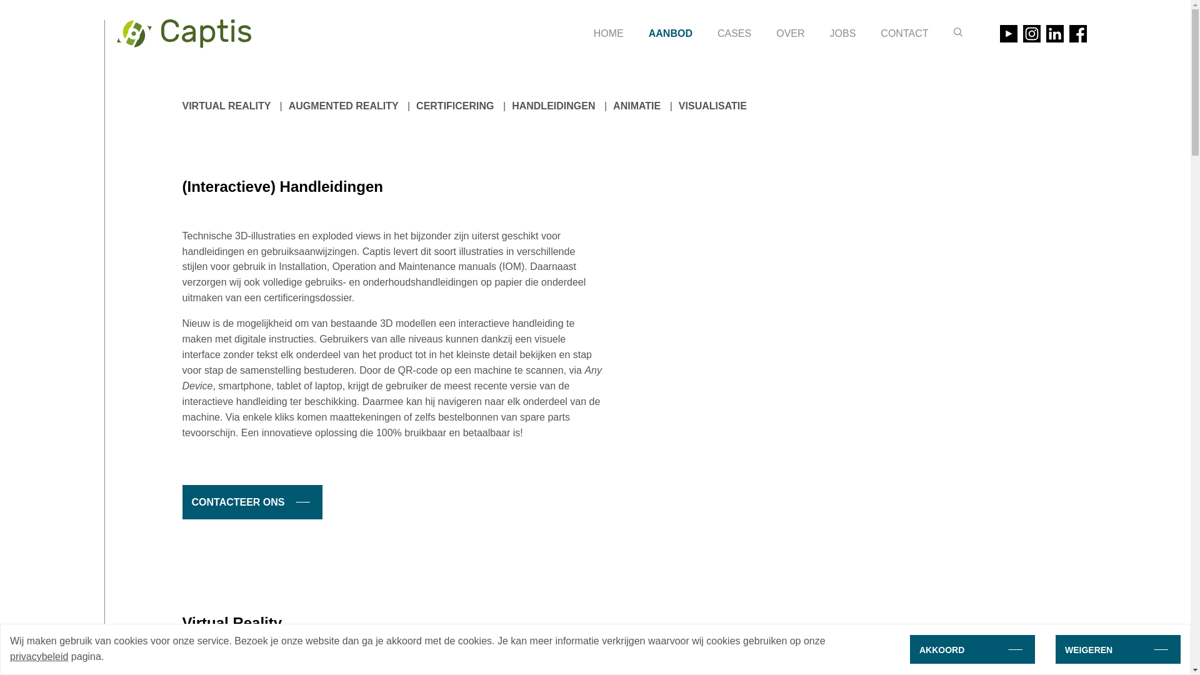  I want to click on 'HANDLEIDINGEN', so click(552, 105).